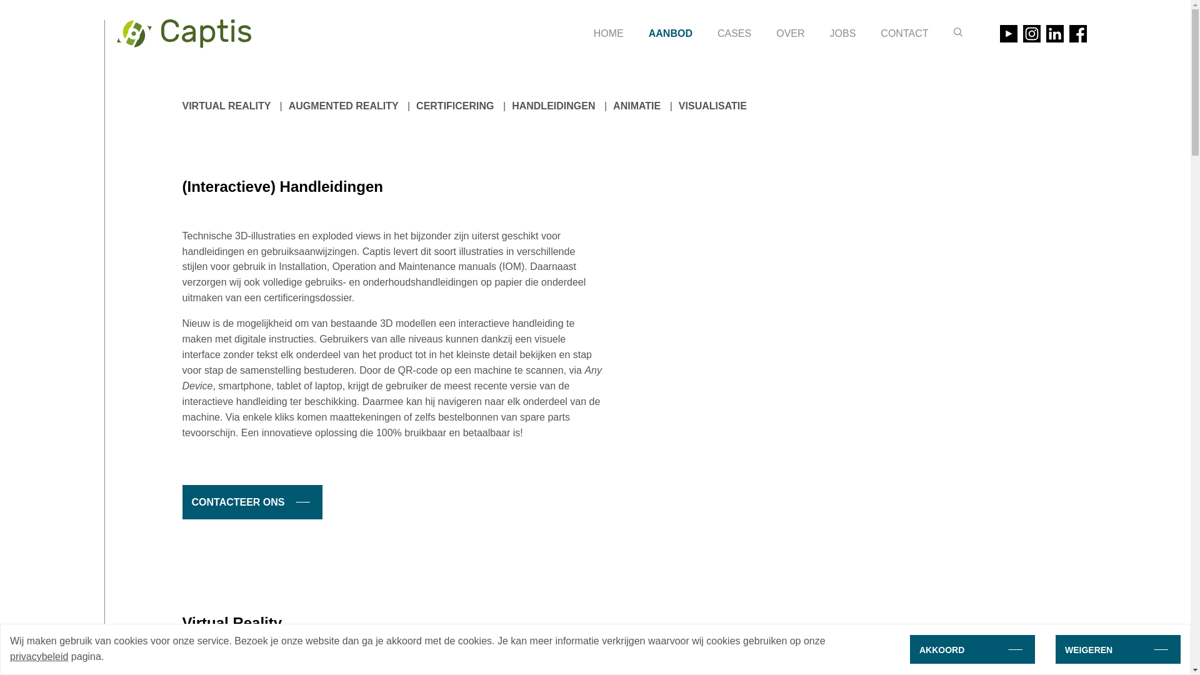  I want to click on 'HANDLEIDINGEN', so click(552, 105).